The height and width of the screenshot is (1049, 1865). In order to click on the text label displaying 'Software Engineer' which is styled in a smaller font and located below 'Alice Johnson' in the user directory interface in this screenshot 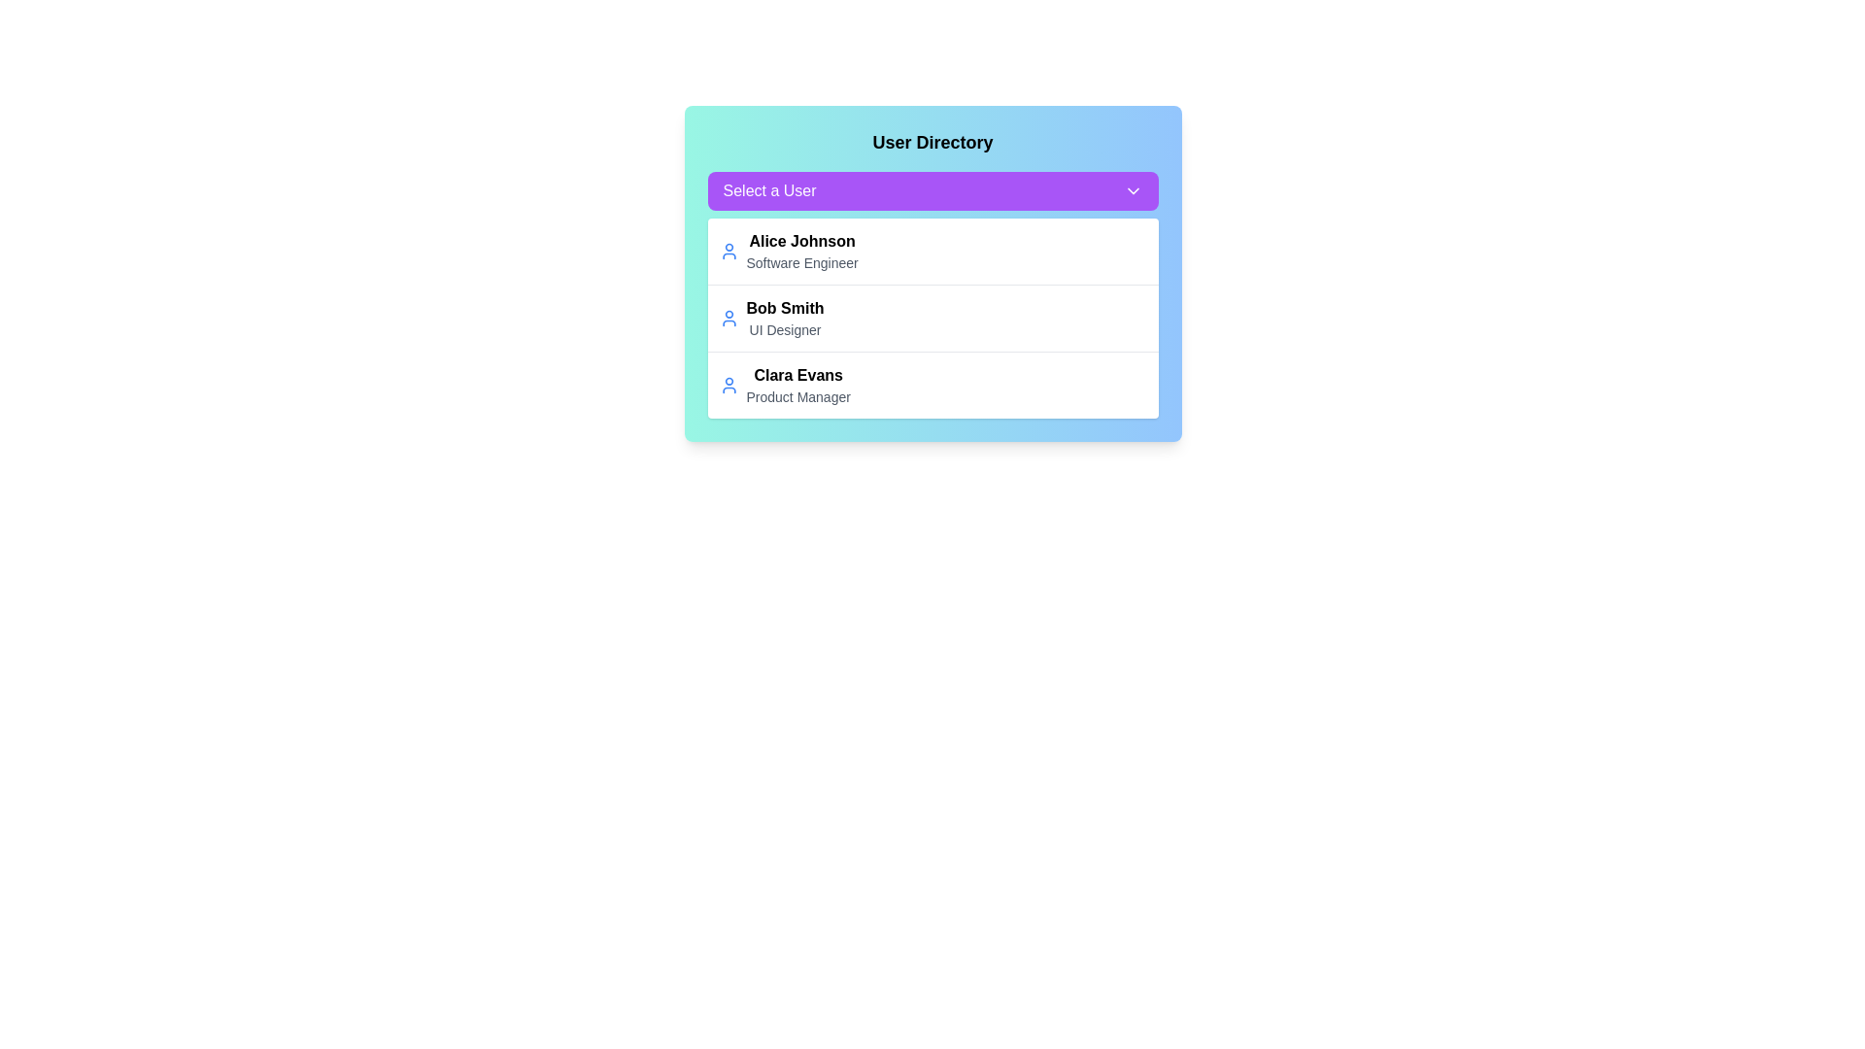, I will do `click(802, 262)`.